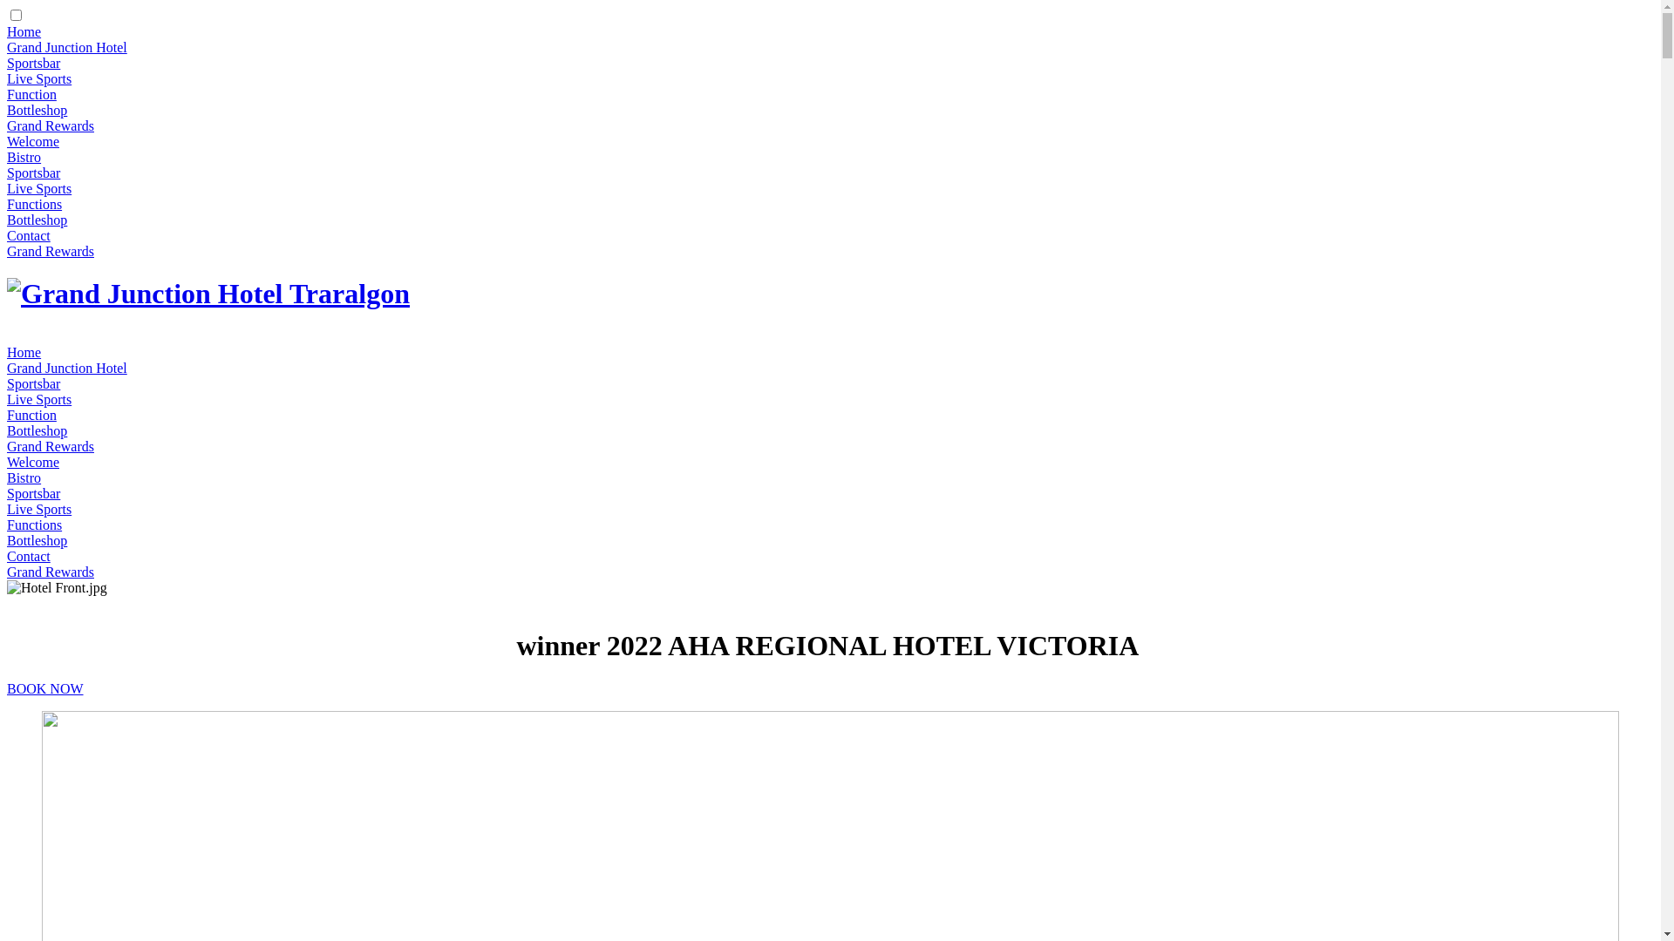 The height and width of the screenshot is (941, 1674). What do you see at coordinates (24, 157) in the screenshot?
I see `'Bistro'` at bounding box center [24, 157].